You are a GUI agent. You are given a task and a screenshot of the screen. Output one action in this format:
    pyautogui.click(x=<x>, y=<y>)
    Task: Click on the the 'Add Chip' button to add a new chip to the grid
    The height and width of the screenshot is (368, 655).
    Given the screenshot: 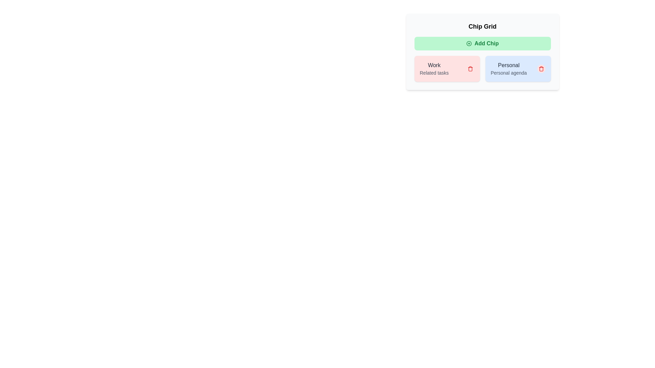 What is the action you would take?
    pyautogui.click(x=482, y=43)
    